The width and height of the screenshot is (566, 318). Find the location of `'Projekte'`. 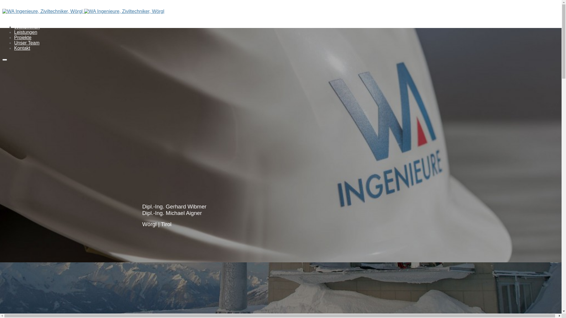

'Projekte' is located at coordinates (23, 37).